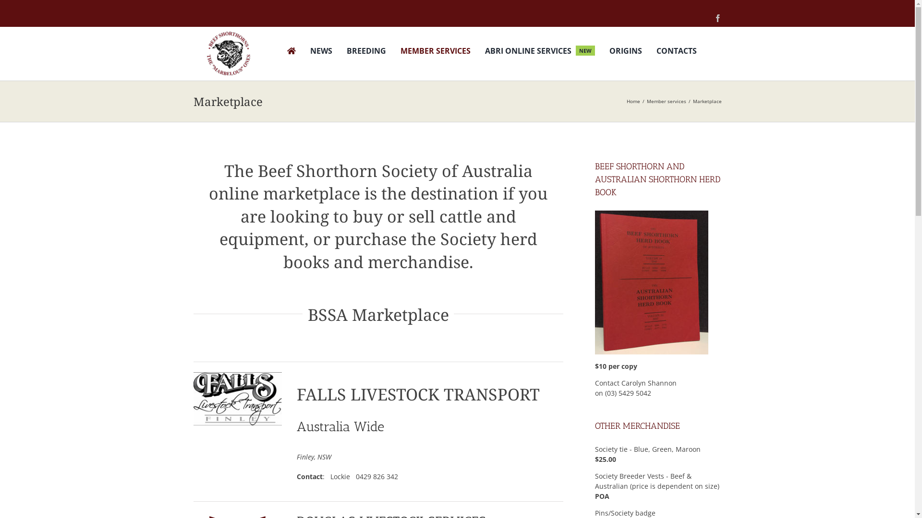 The image size is (922, 518). What do you see at coordinates (625, 52) in the screenshot?
I see `'ORIGINS'` at bounding box center [625, 52].